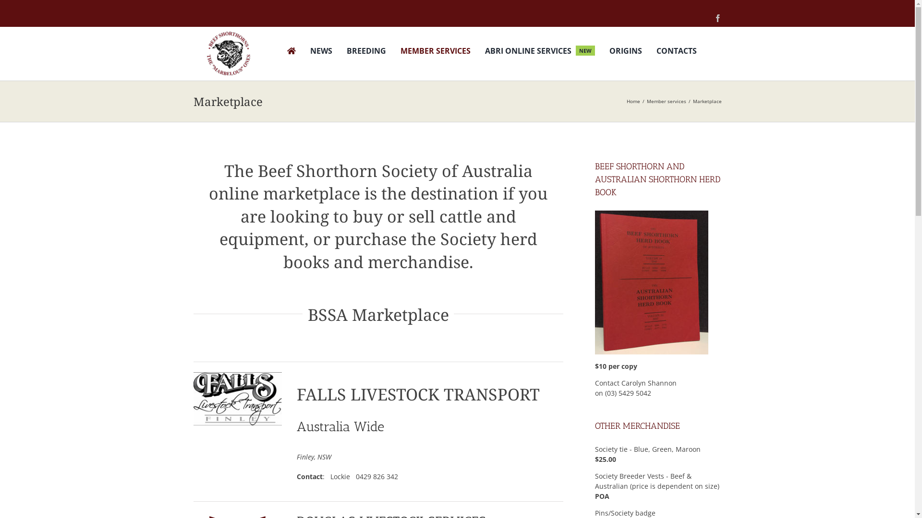 The image size is (922, 518). What do you see at coordinates (625, 52) in the screenshot?
I see `'ORIGINS'` at bounding box center [625, 52].